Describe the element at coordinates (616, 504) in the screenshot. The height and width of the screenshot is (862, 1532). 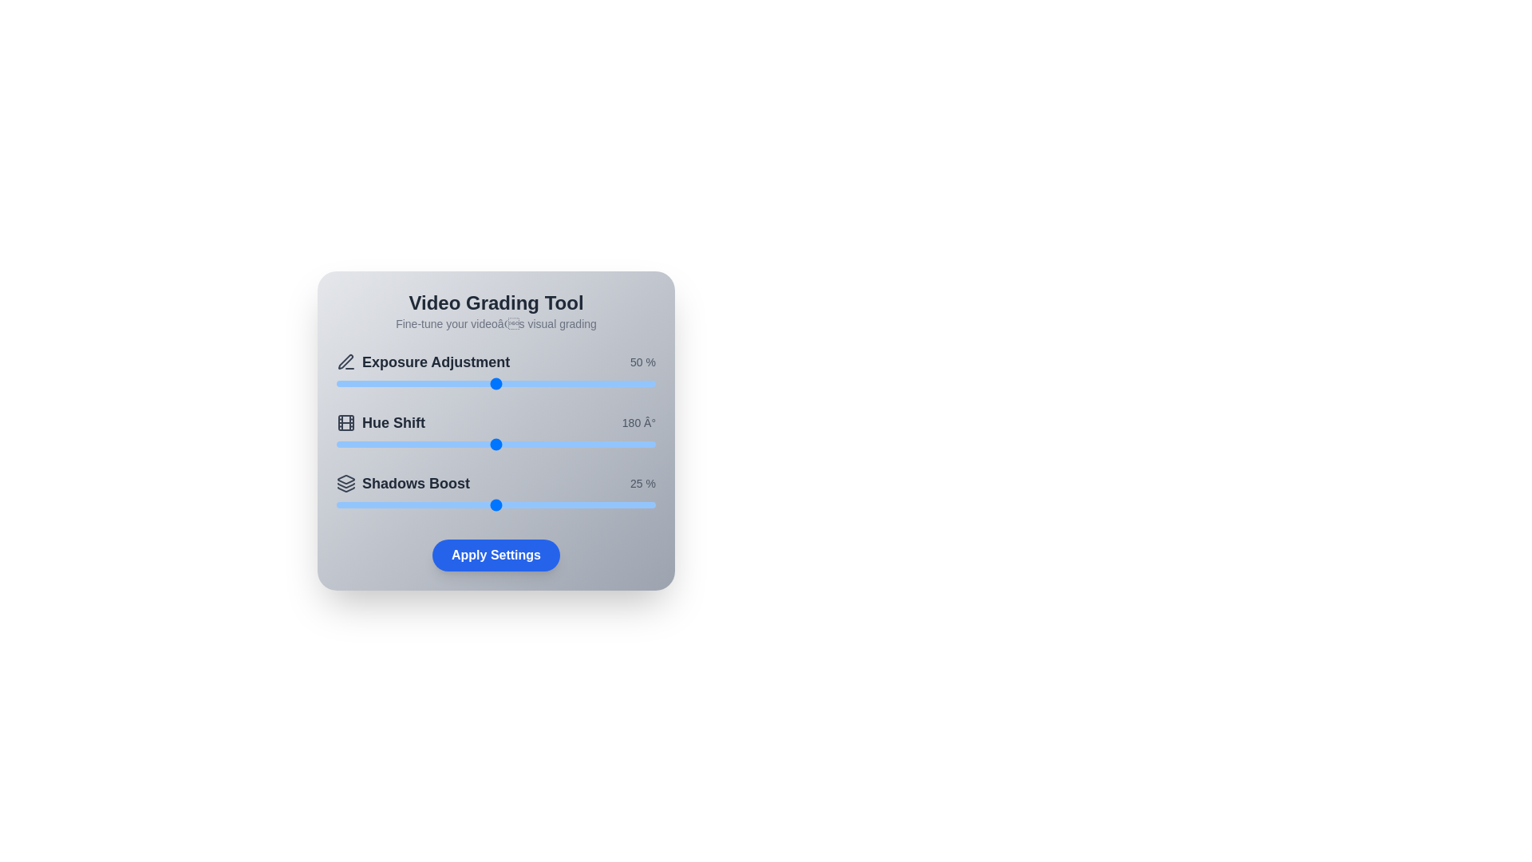
I see `the 'Shadows Boost' slider` at that location.